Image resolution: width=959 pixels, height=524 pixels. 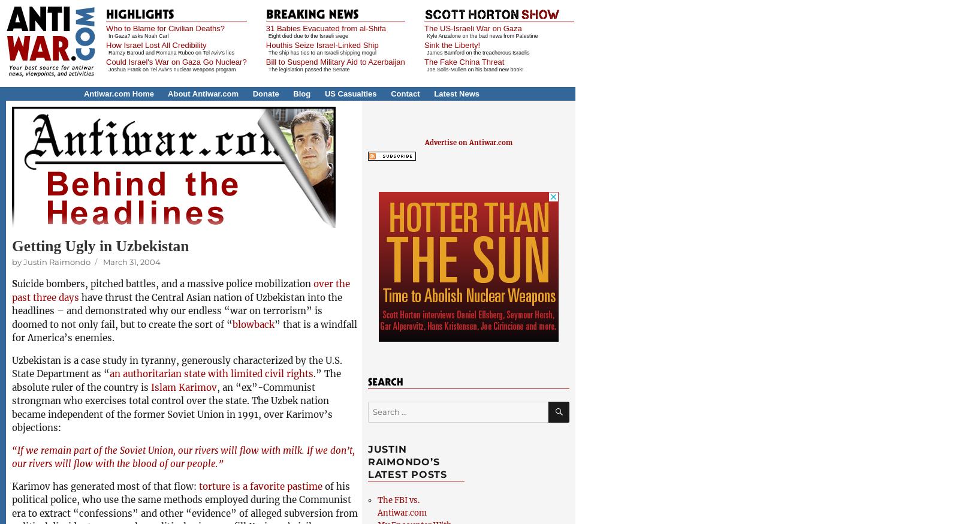 What do you see at coordinates (472, 28) in the screenshot?
I see `'The US-Israeli War on Gaza'` at bounding box center [472, 28].